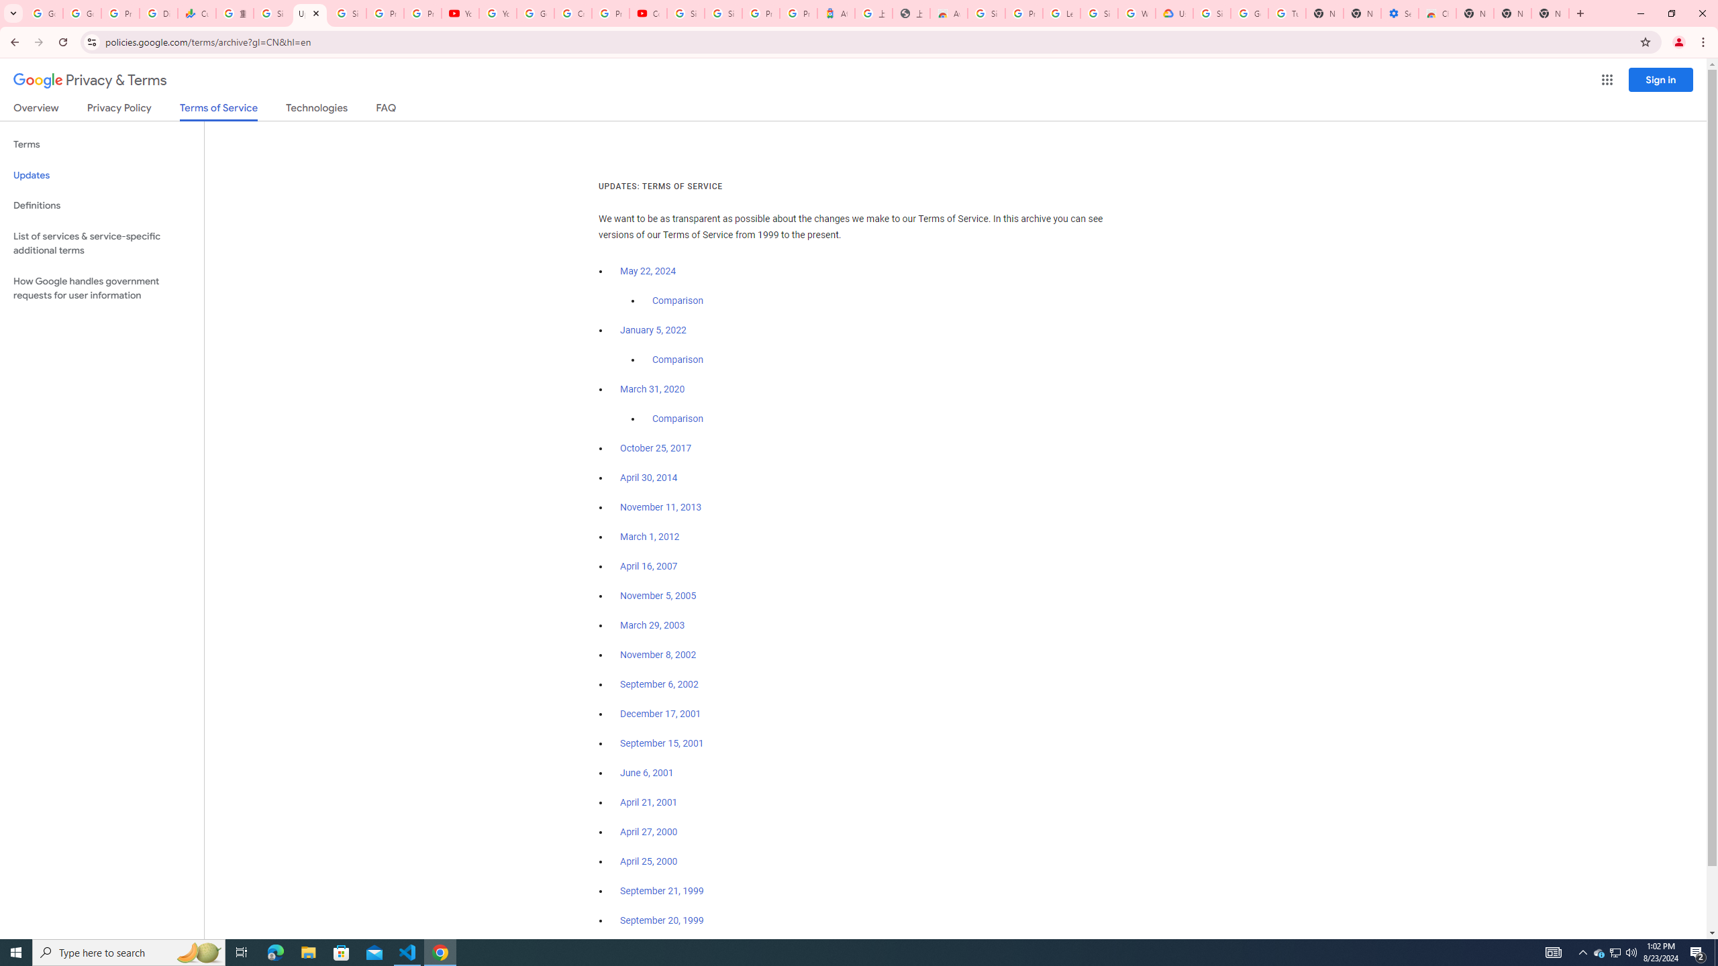  Describe the element at coordinates (660, 714) in the screenshot. I see `'December 17, 2001'` at that location.